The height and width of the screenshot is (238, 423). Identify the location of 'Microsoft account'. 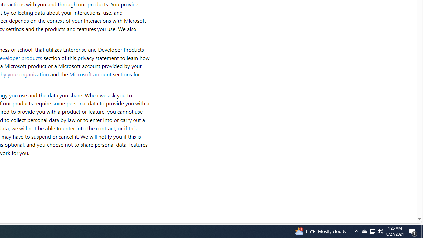
(90, 74).